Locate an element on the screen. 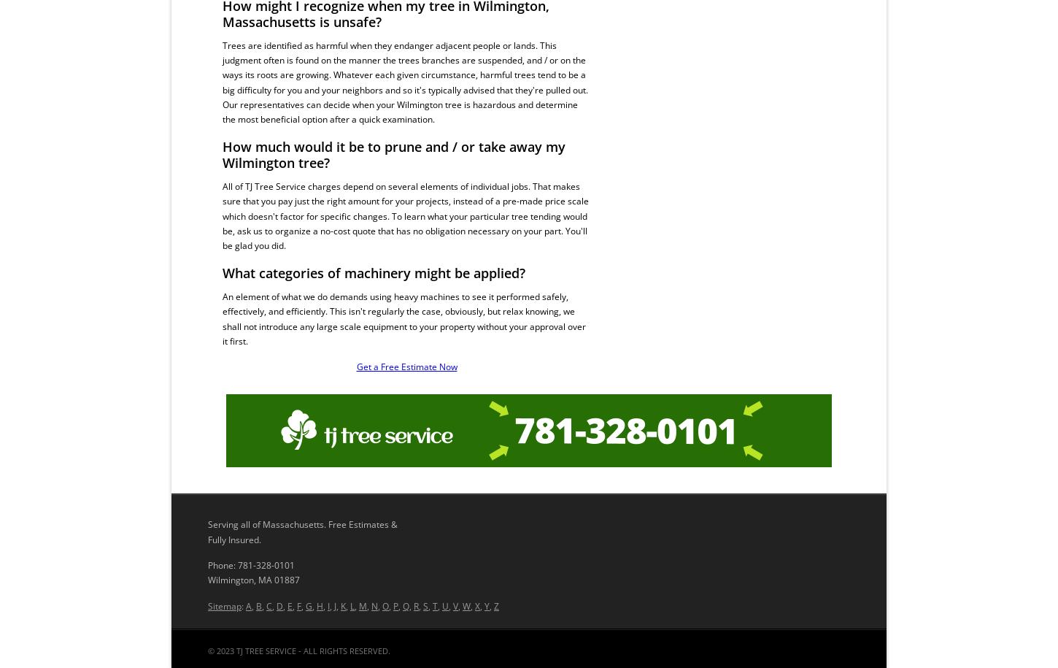 Image resolution: width=1058 pixels, height=668 pixels. 'B' is located at coordinates (258, 605).